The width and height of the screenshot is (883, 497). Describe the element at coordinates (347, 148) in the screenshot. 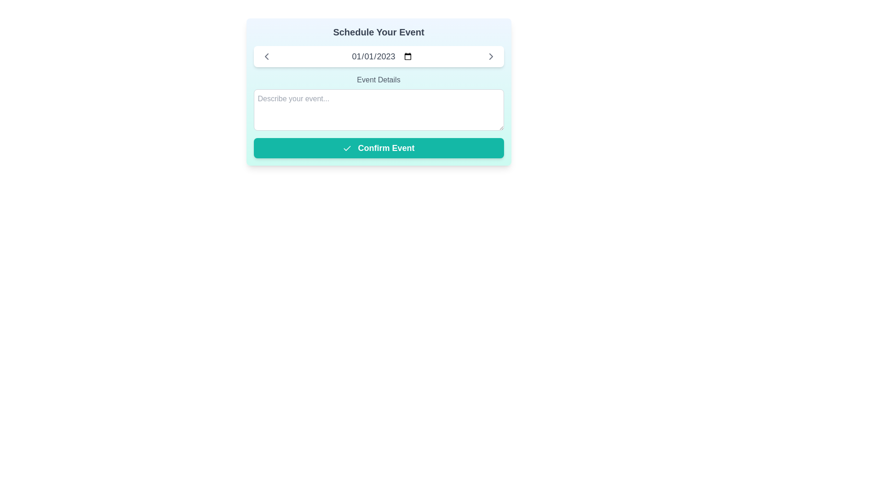

I see `the confirmation icon located to the left of the 'Confirm Event' text on the button` at that location.